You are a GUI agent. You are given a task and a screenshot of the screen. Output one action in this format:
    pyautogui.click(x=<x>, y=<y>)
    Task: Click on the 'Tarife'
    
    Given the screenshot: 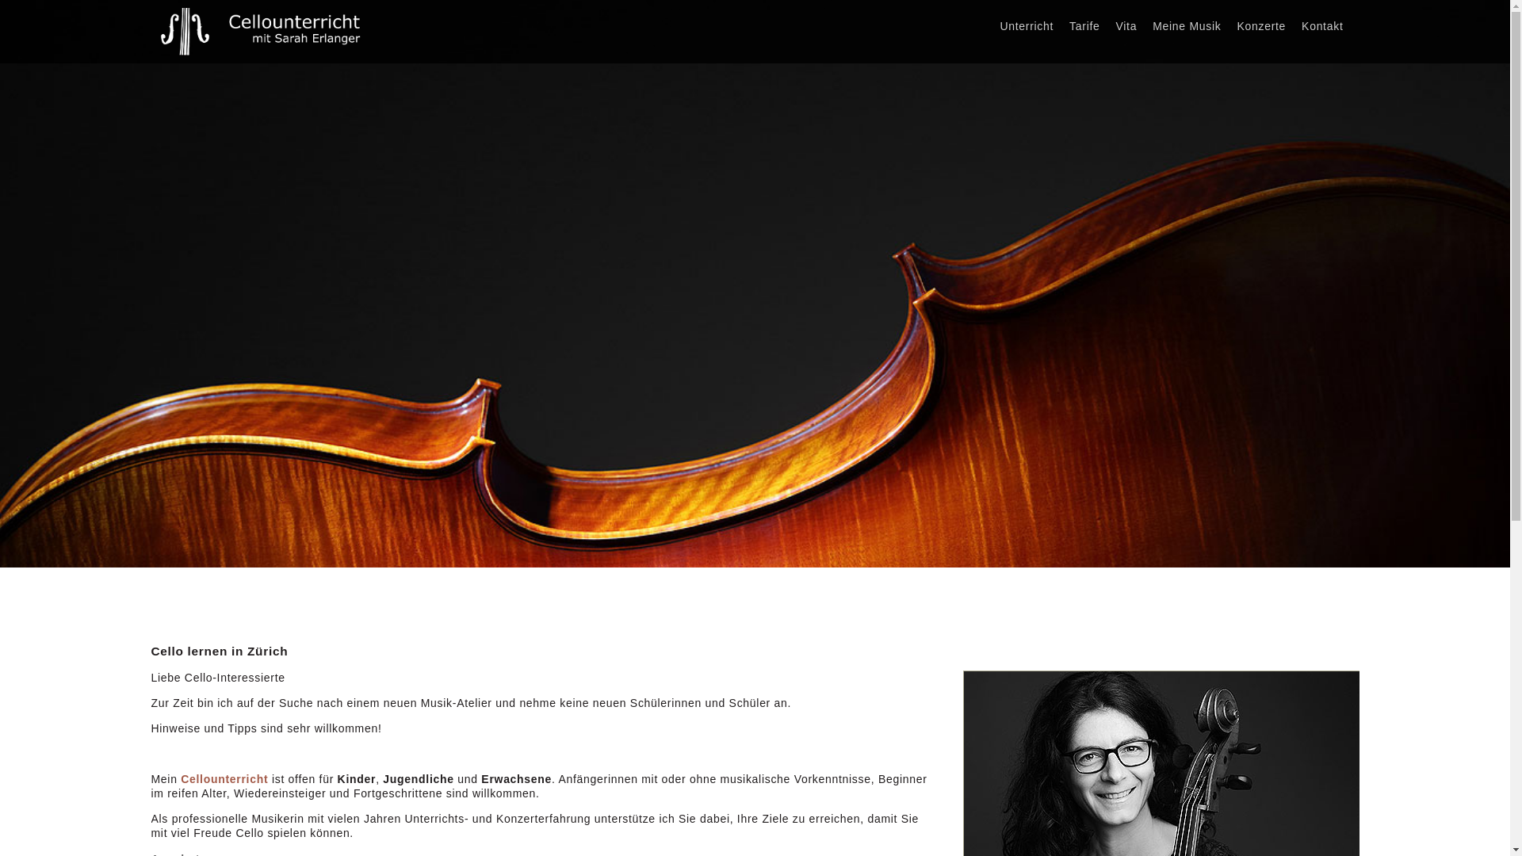 What is the action you would take?
    pyautogui.click(x=1084, y=26)
    